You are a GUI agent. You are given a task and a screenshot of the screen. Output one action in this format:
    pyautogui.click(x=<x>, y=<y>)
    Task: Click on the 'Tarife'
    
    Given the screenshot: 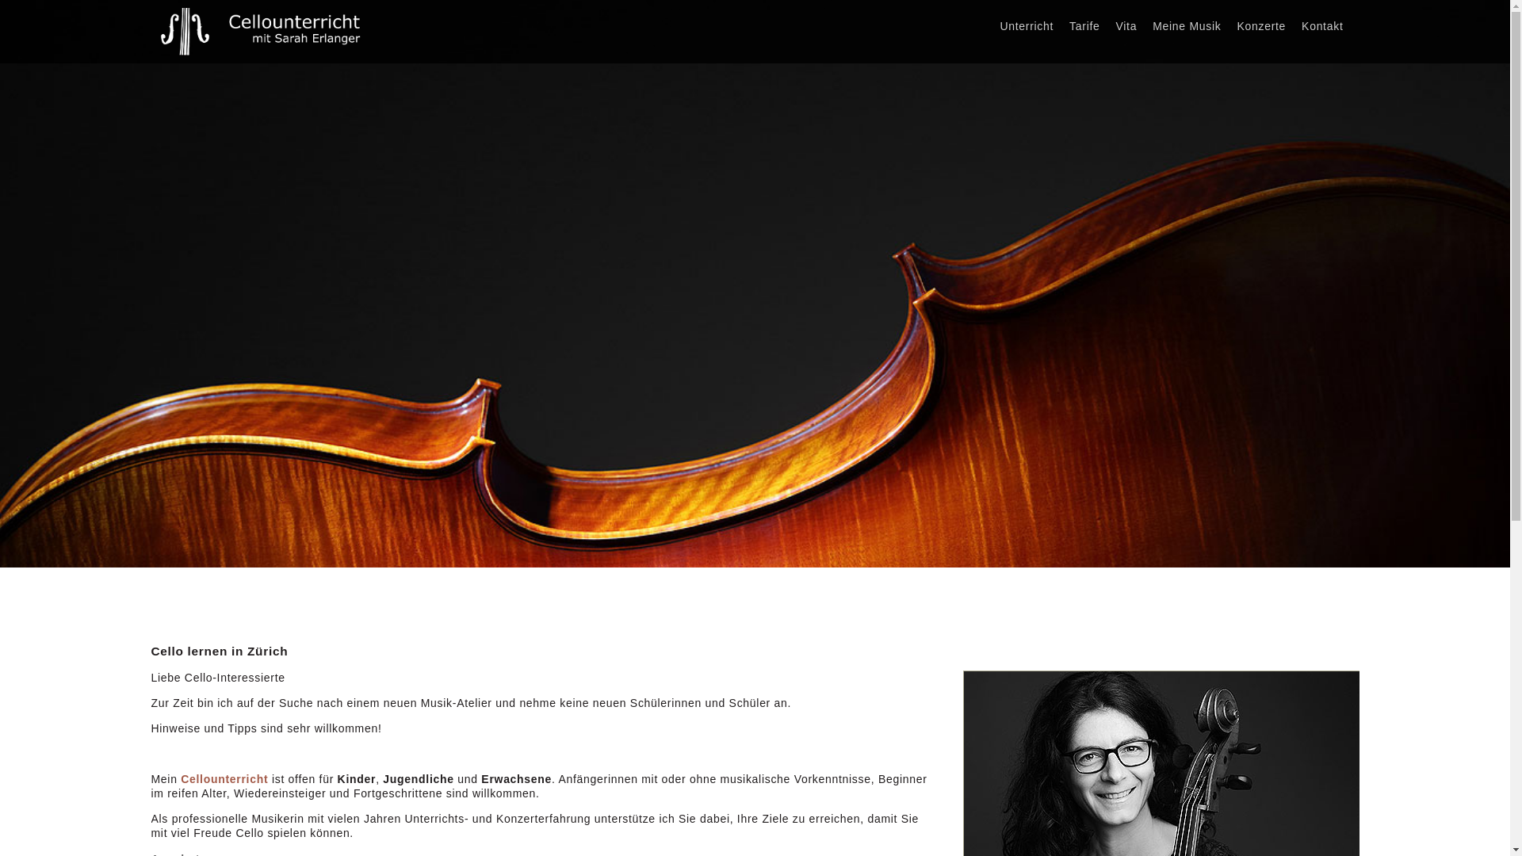 What is the action you would take?
    pyautogui.click(x=1084, y=26)
    